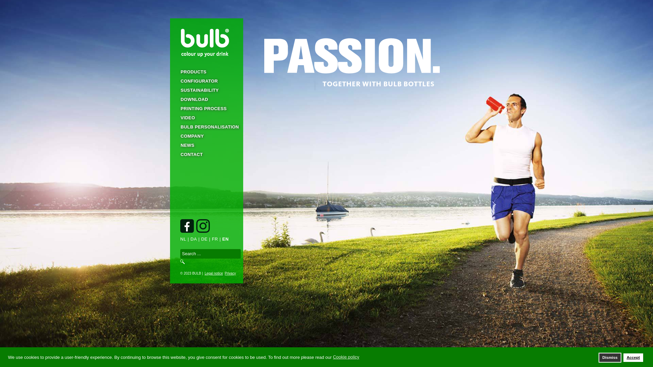 Image resolution: width=653 pixels, height=367 pixels. I want to click on '3', so click(336, 355).